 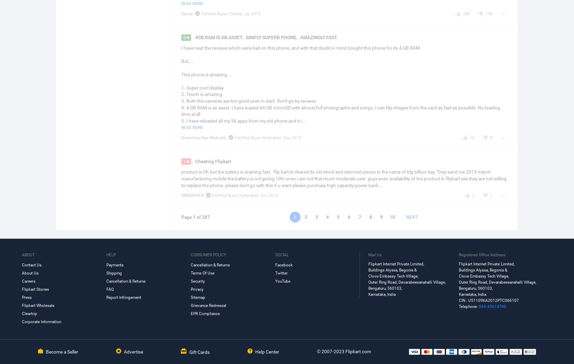 What do you see at coordinates (197, 281) in the screenshot?
I see `'Security'` at bounding box center [197, 281].